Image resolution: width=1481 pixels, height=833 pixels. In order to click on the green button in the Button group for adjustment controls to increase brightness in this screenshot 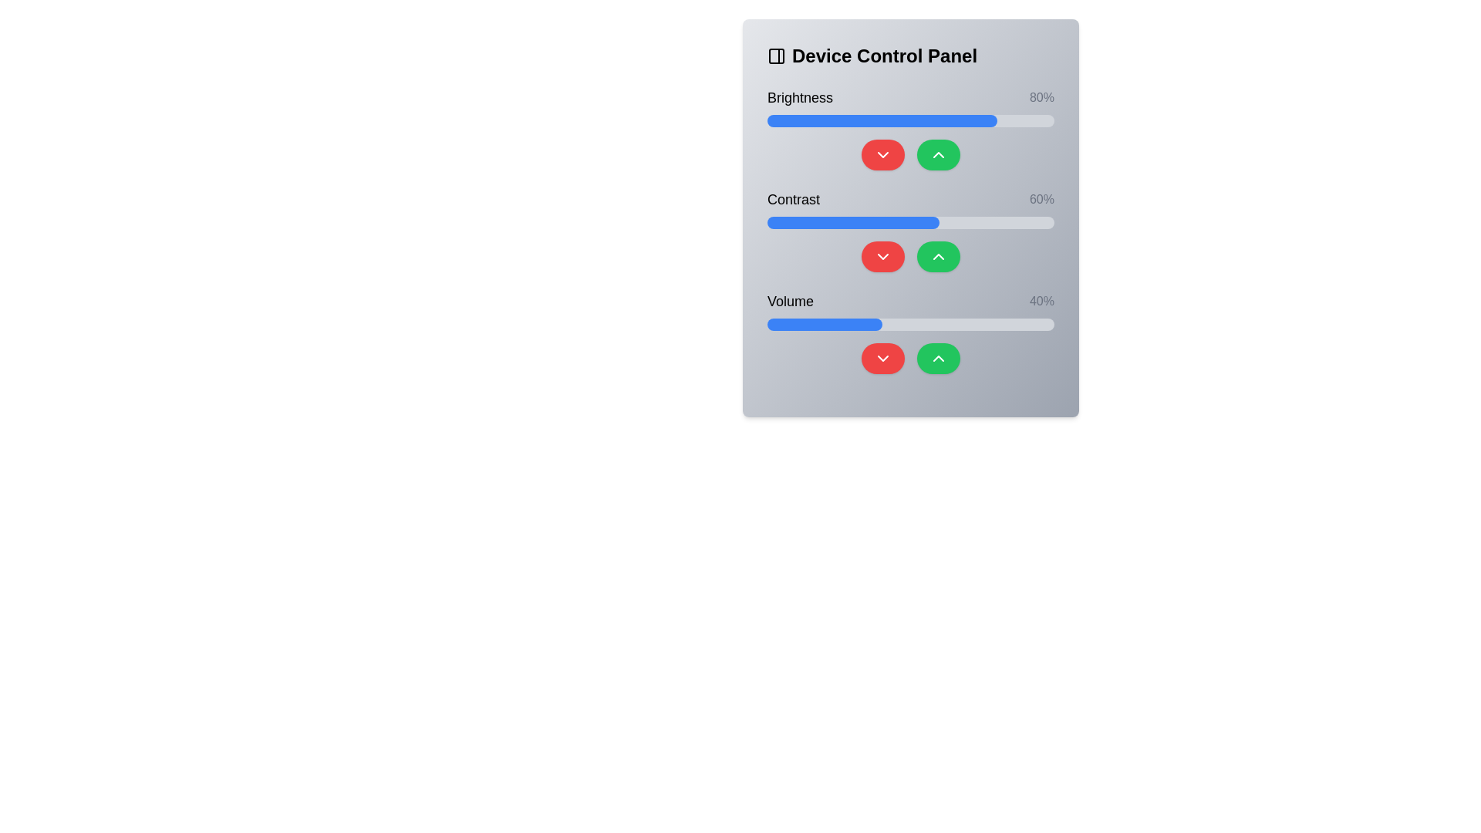, I will do `click(910, 154)`.